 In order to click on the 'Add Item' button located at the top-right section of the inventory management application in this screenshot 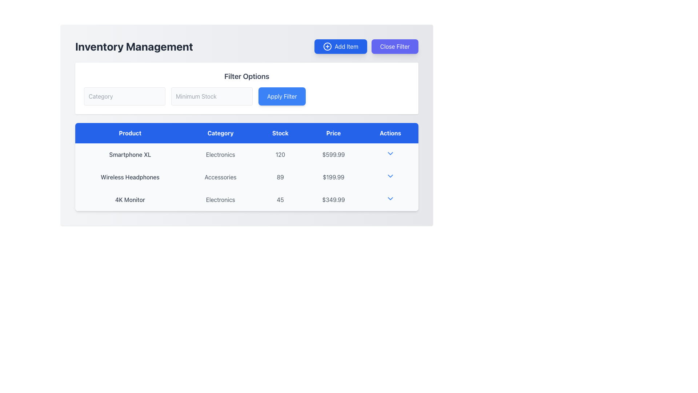, I will do `click(340, 46)`.